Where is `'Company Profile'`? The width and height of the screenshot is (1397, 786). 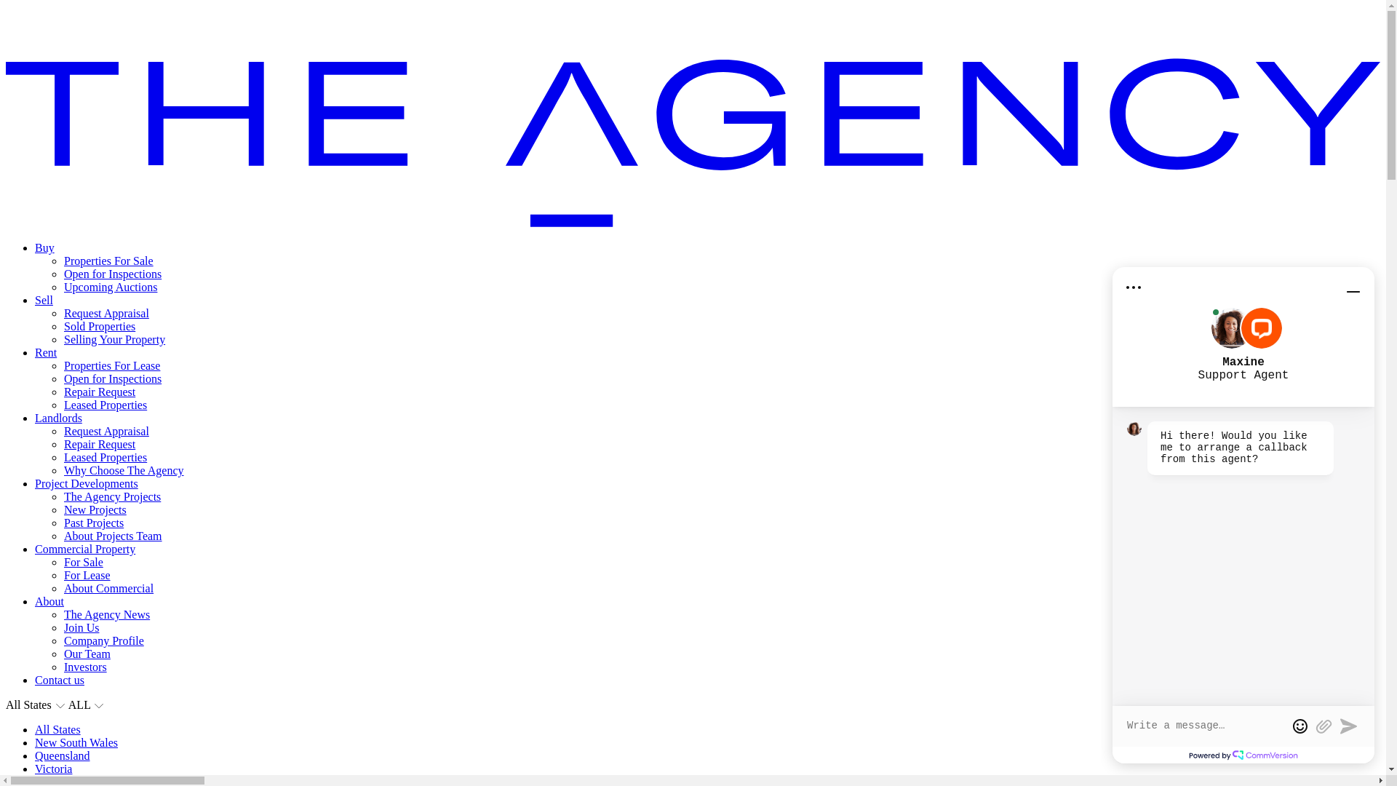 'Company Profile' is located at coordinates (103, 640).